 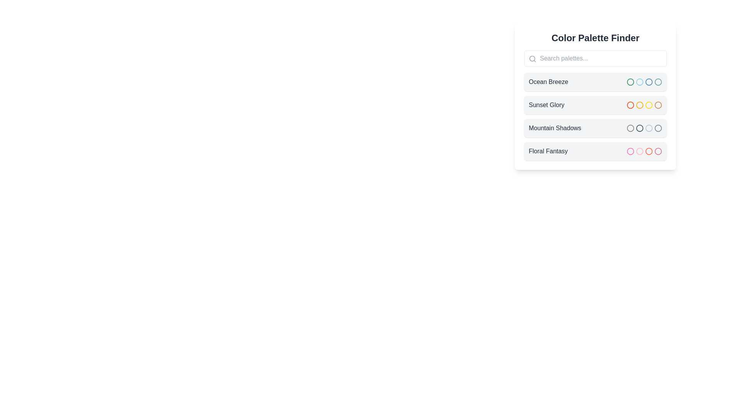 I want to click on the circular outline in the middle of the magnifying glass icon, which is part of the search icon in the 'Color Palette Finder' section, so click(x=532, y=58).